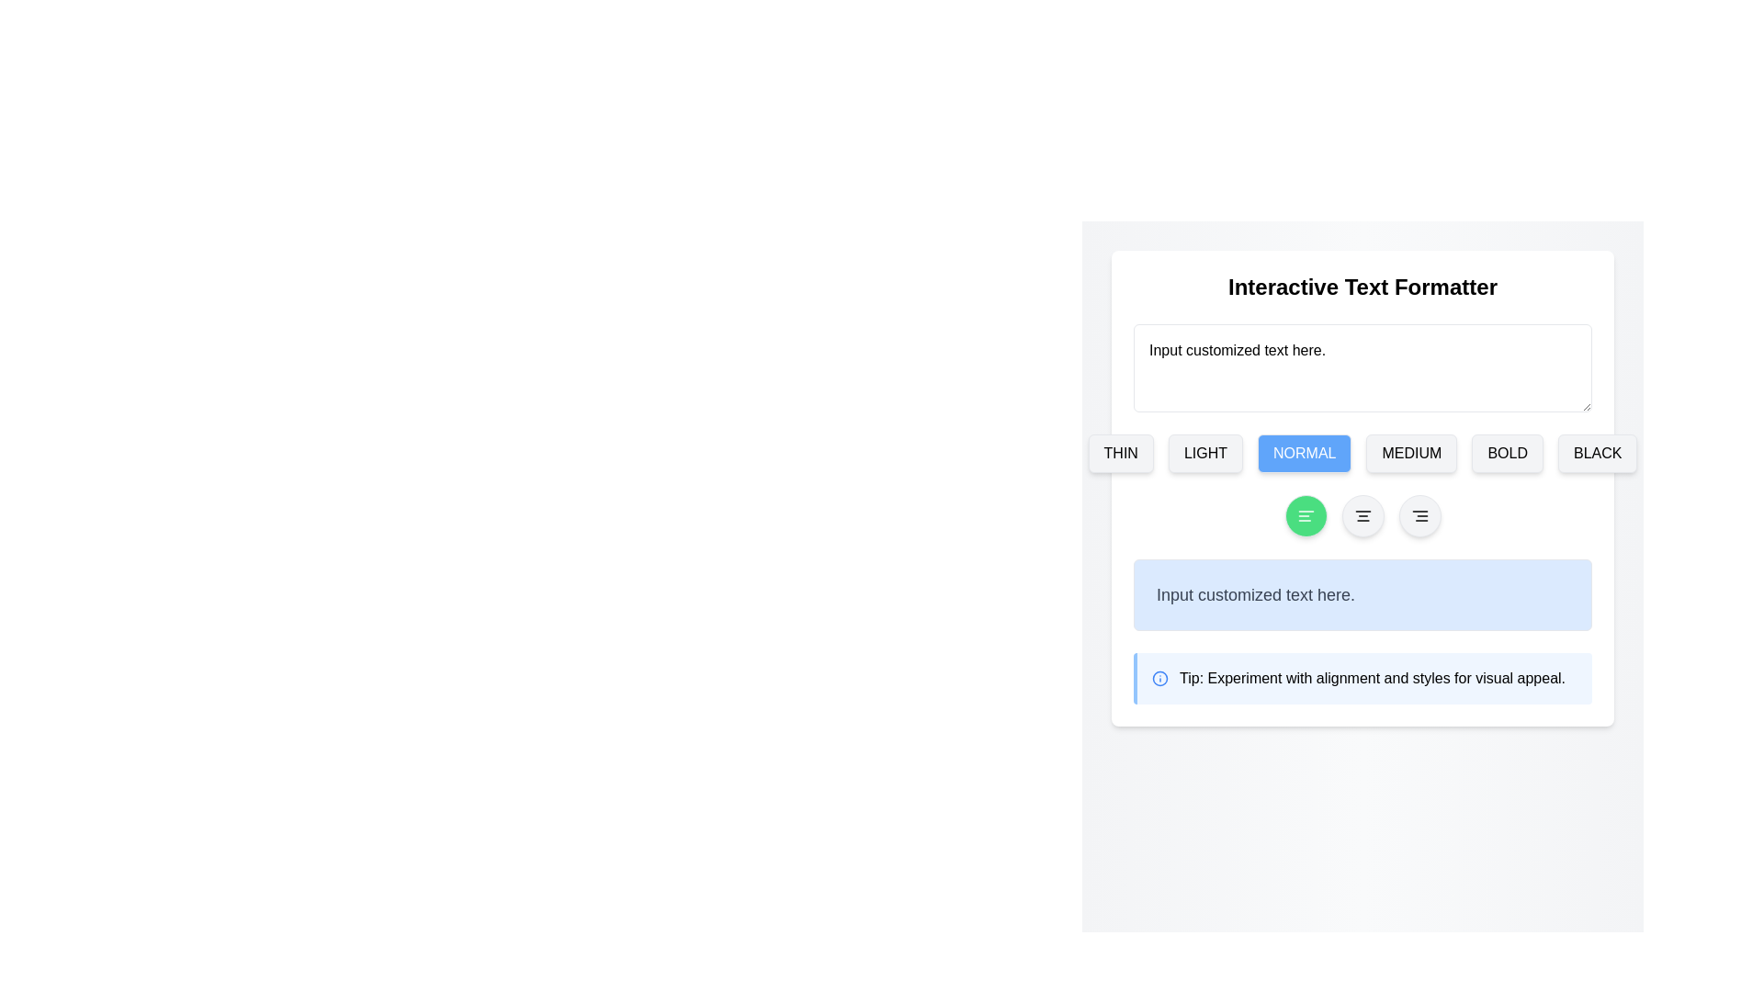 This screenshot has height=992, width=1764. What do you see at coordinates (1363, 516) in the screenshot?
I see `the circular button with a light gray background featuring a center alignment icon, positioned between the left and right alignment buttons, to trigger a tooltip or visual feedback` at bounding box center [1363, 516].